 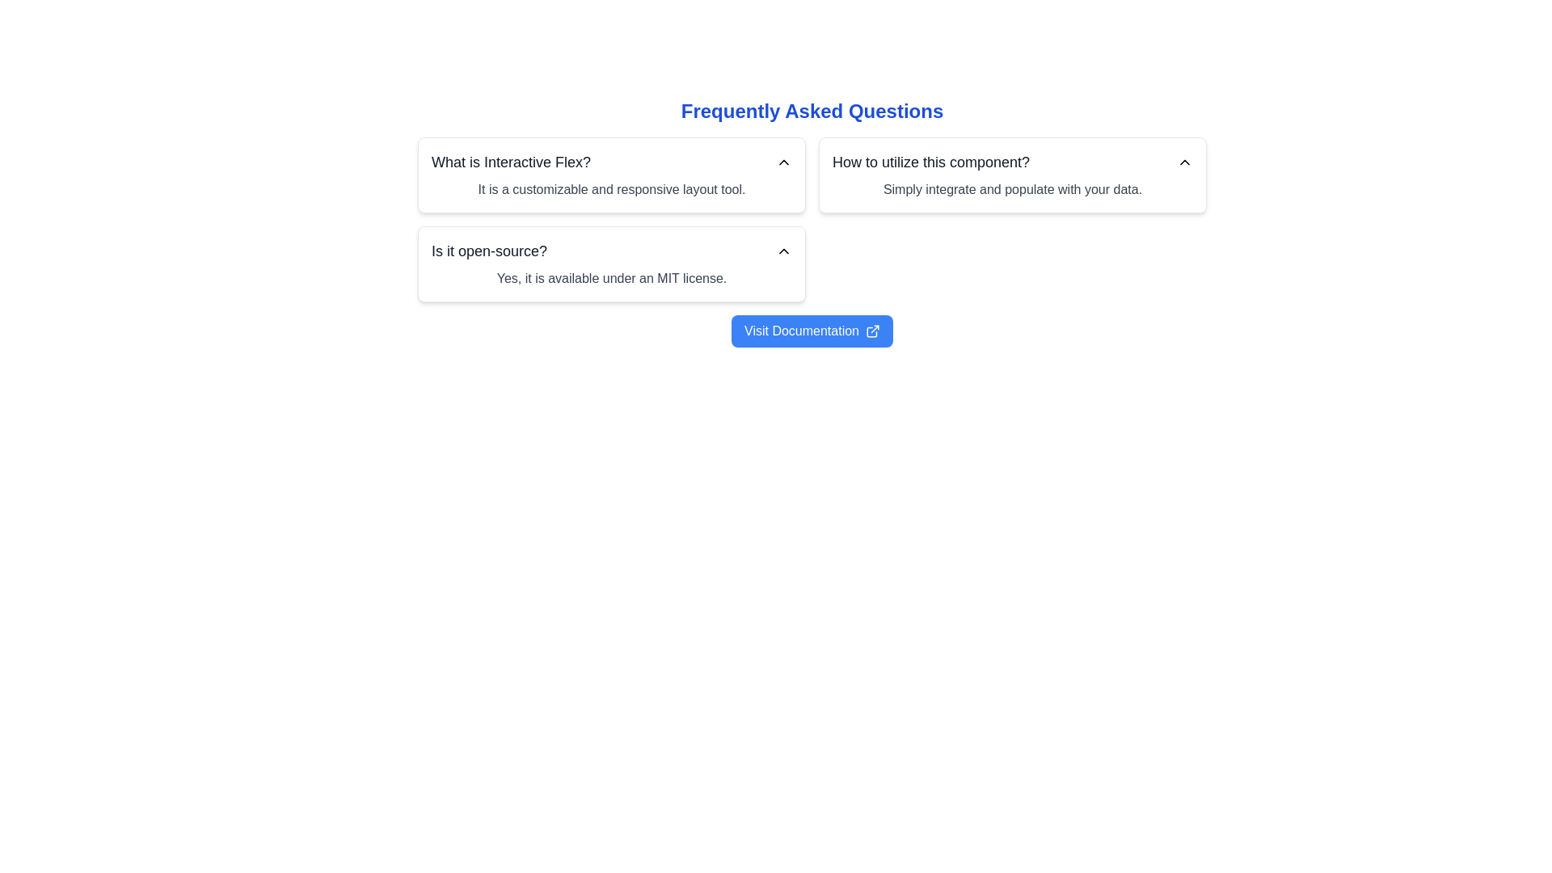 What do you see at coordinates (872, 330) in the screenshot?
I see `the design of the icon located to the right of the 'Visit Documentation' button, which indicates that clicking it will open an external link or navigate to another resource` at bounding box center [872, 330].